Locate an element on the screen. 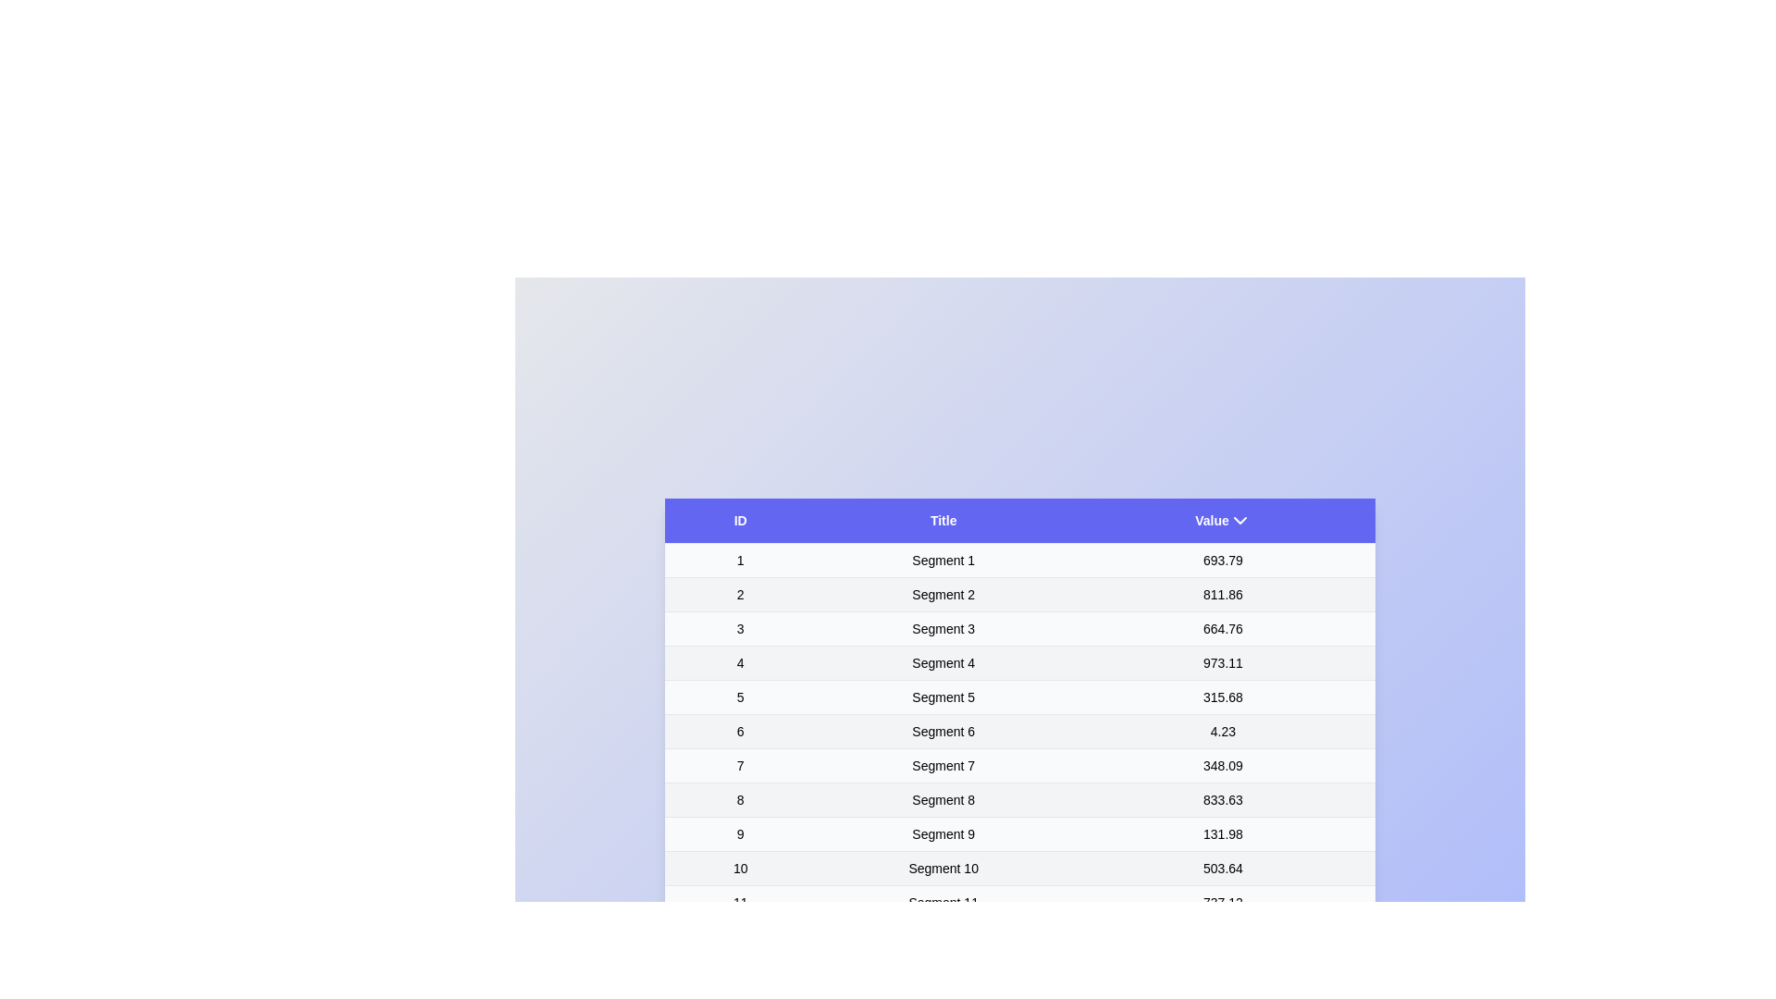  the ascending/descending icon in the 'Value' header to toggle the sorting order is located at coordinates (1239, 520).